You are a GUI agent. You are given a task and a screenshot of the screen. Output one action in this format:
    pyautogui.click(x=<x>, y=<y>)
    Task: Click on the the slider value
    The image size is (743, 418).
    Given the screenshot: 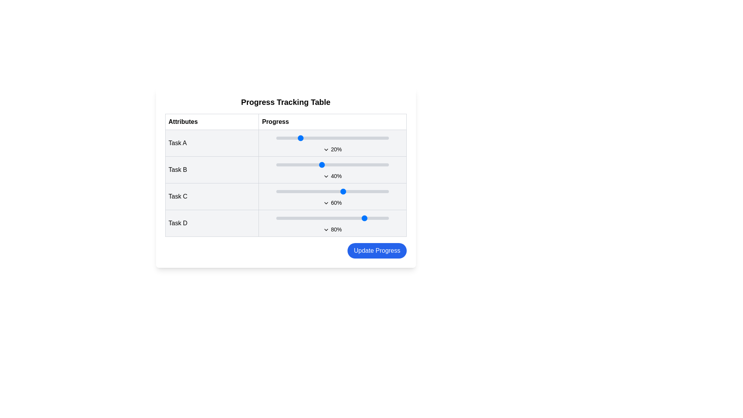 What is the action you would take?
    pyautogui.click(x=324, y=138)
    